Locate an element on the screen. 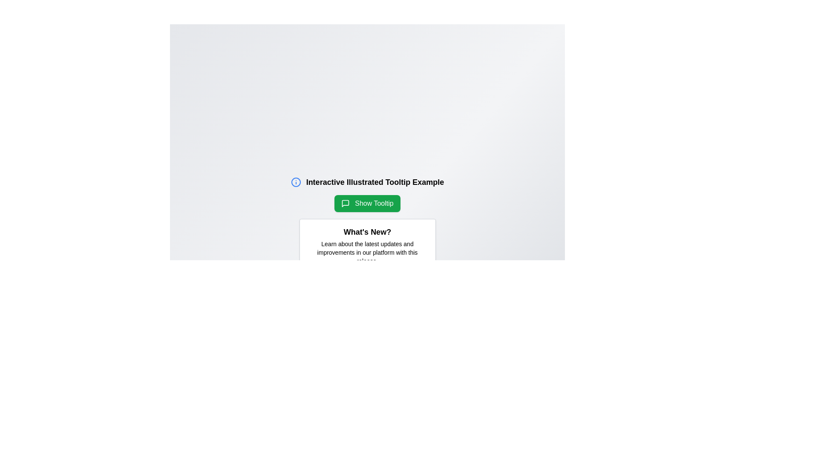 The width and height of the screenshot is (818, 460). informational text content located directly below the 'What's New?' heading, which provides context for the updates and improvements described in the card is located at coordinates (367, 252).